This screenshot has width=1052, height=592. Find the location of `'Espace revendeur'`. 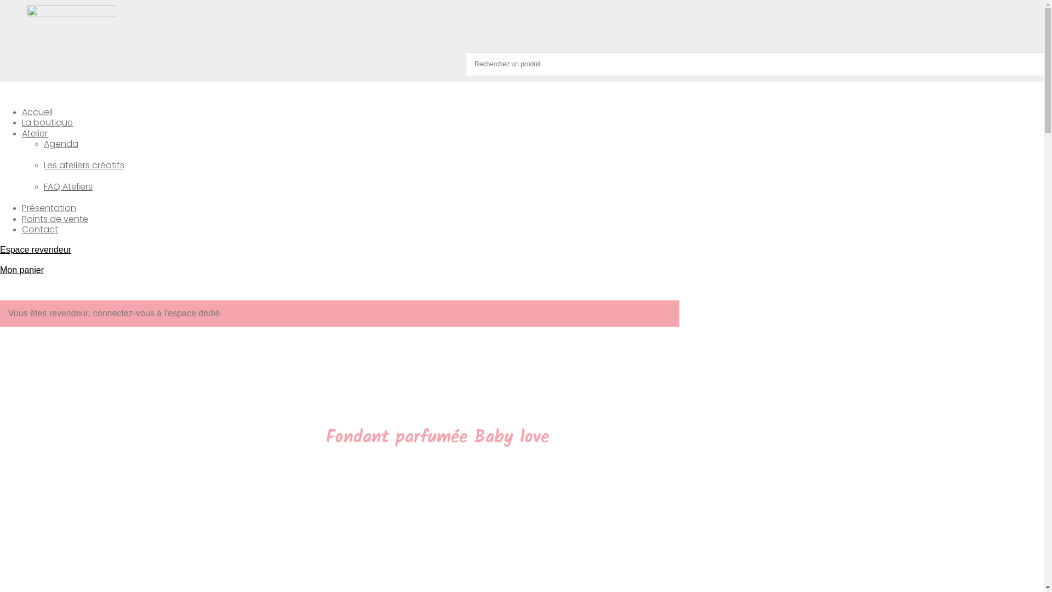

'Espace revendeur' is located at coordinates (36, 249).